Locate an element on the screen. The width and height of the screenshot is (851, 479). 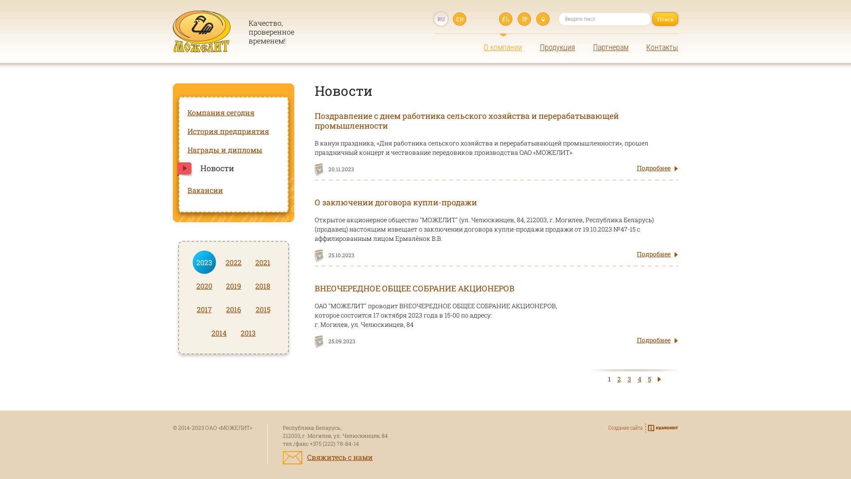
'4' is located at coordinates (639, 379).